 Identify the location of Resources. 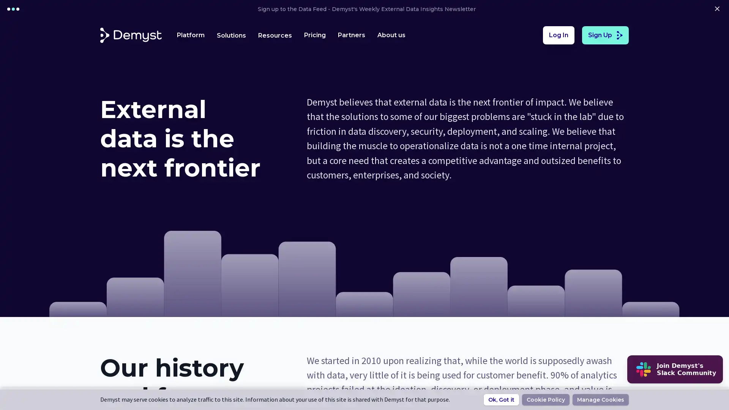
(275, 35).